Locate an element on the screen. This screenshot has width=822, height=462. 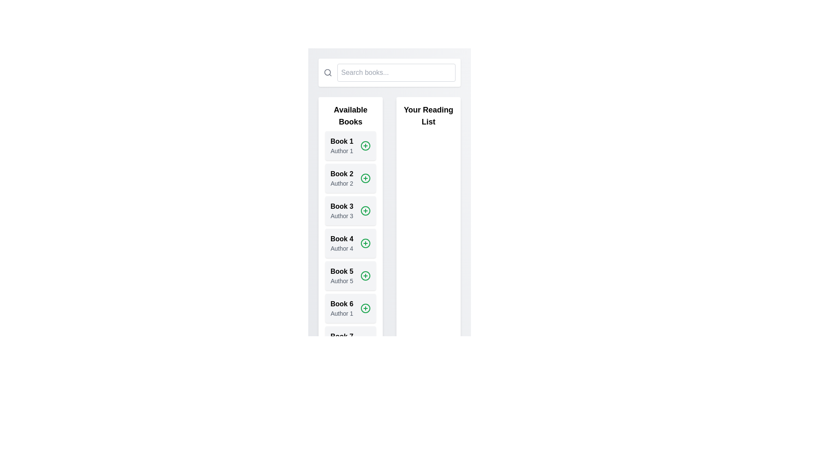
the text display component containing the title 'Book 3' and author 'Author 3' in the 'Available Books' section is located at coordinates (341, 211).